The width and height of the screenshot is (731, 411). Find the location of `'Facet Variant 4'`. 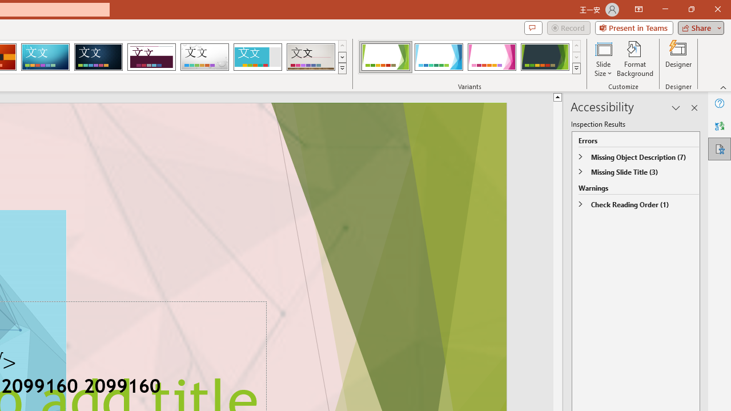

'Facet Variant 4' is located at coordinates (544, 57).